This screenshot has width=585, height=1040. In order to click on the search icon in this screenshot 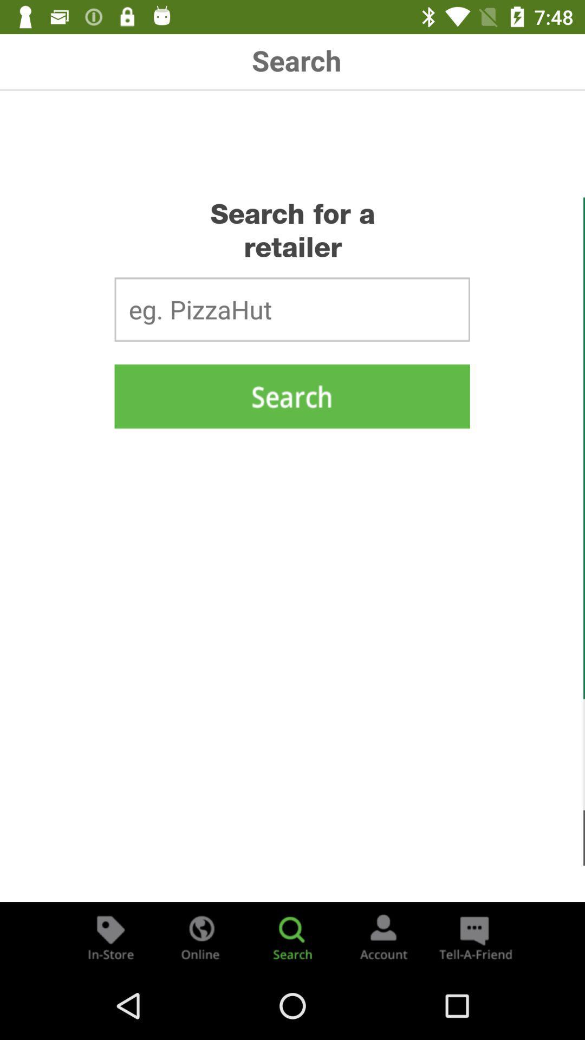, I will do `click(292, 936)`.